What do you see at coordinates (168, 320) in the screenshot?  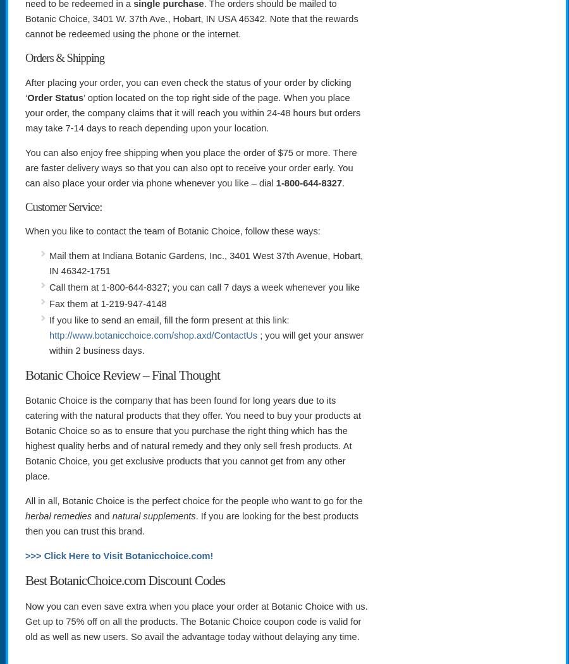 I see `'If you like to send an email, fill the form present at this link:'` at bounding box center [168, 320].